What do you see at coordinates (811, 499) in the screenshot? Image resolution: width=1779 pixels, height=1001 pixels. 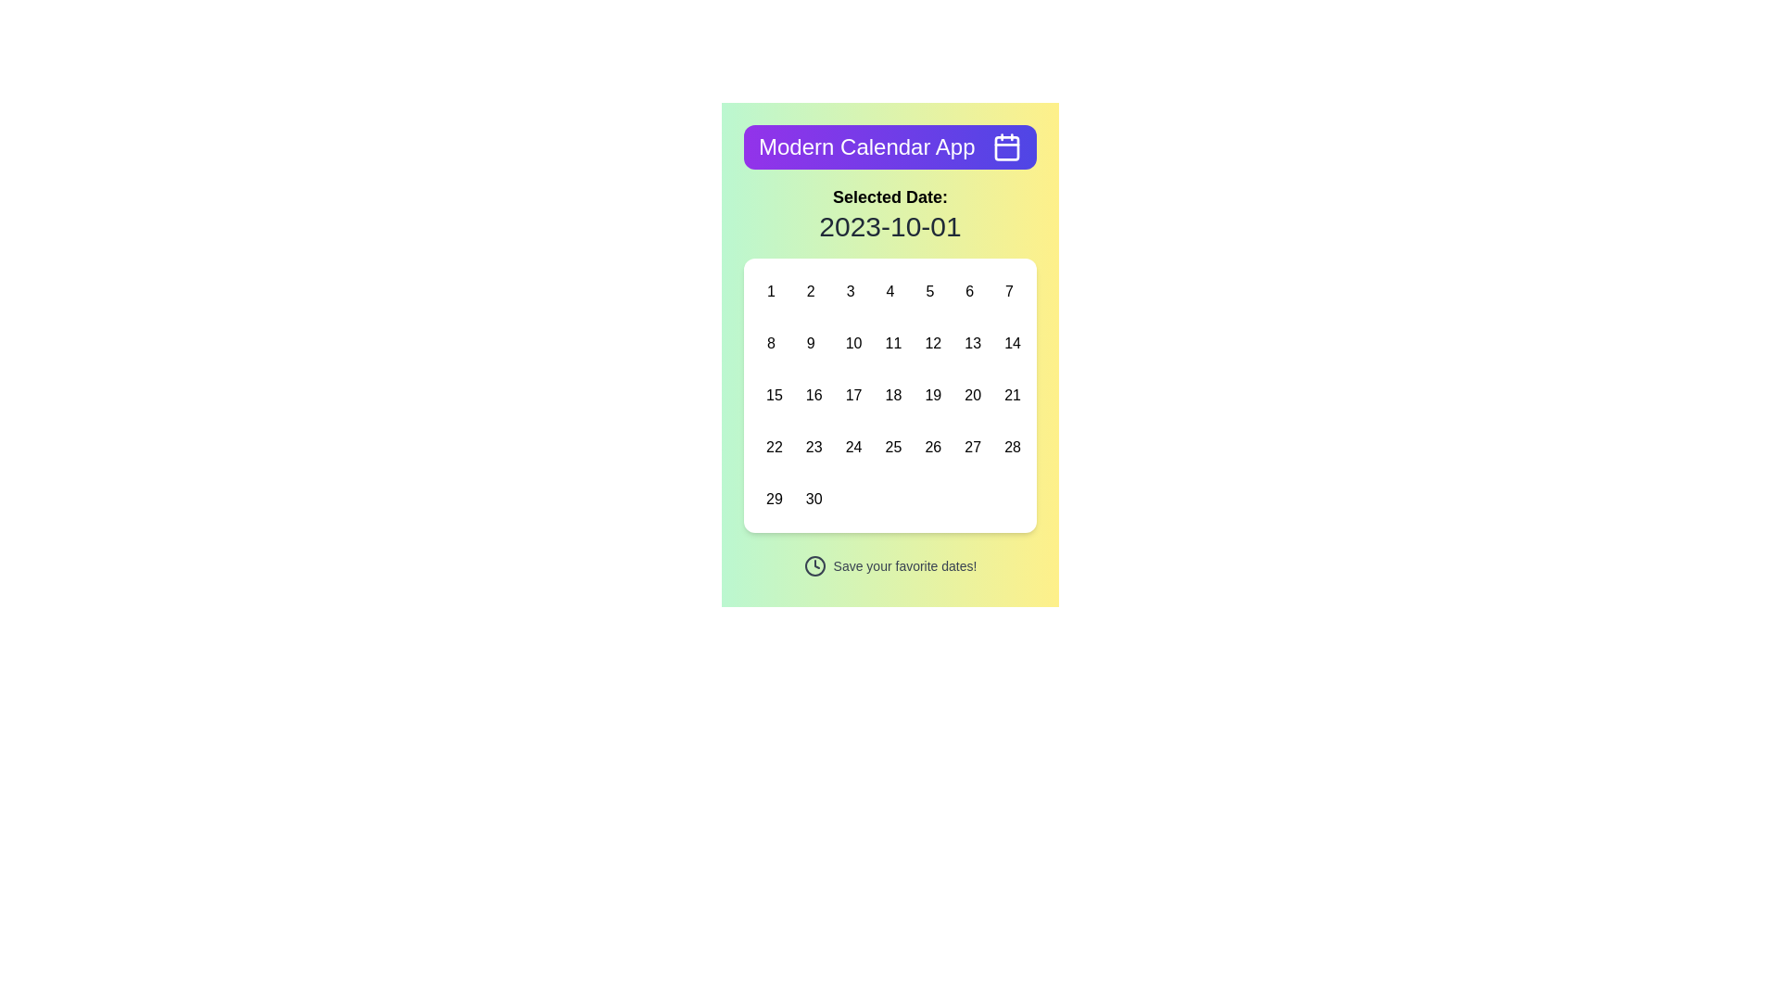 I see `the rectangular button labeled '30' in the bottom-right corner of the calendar grid` at bounding box center [811, 499].